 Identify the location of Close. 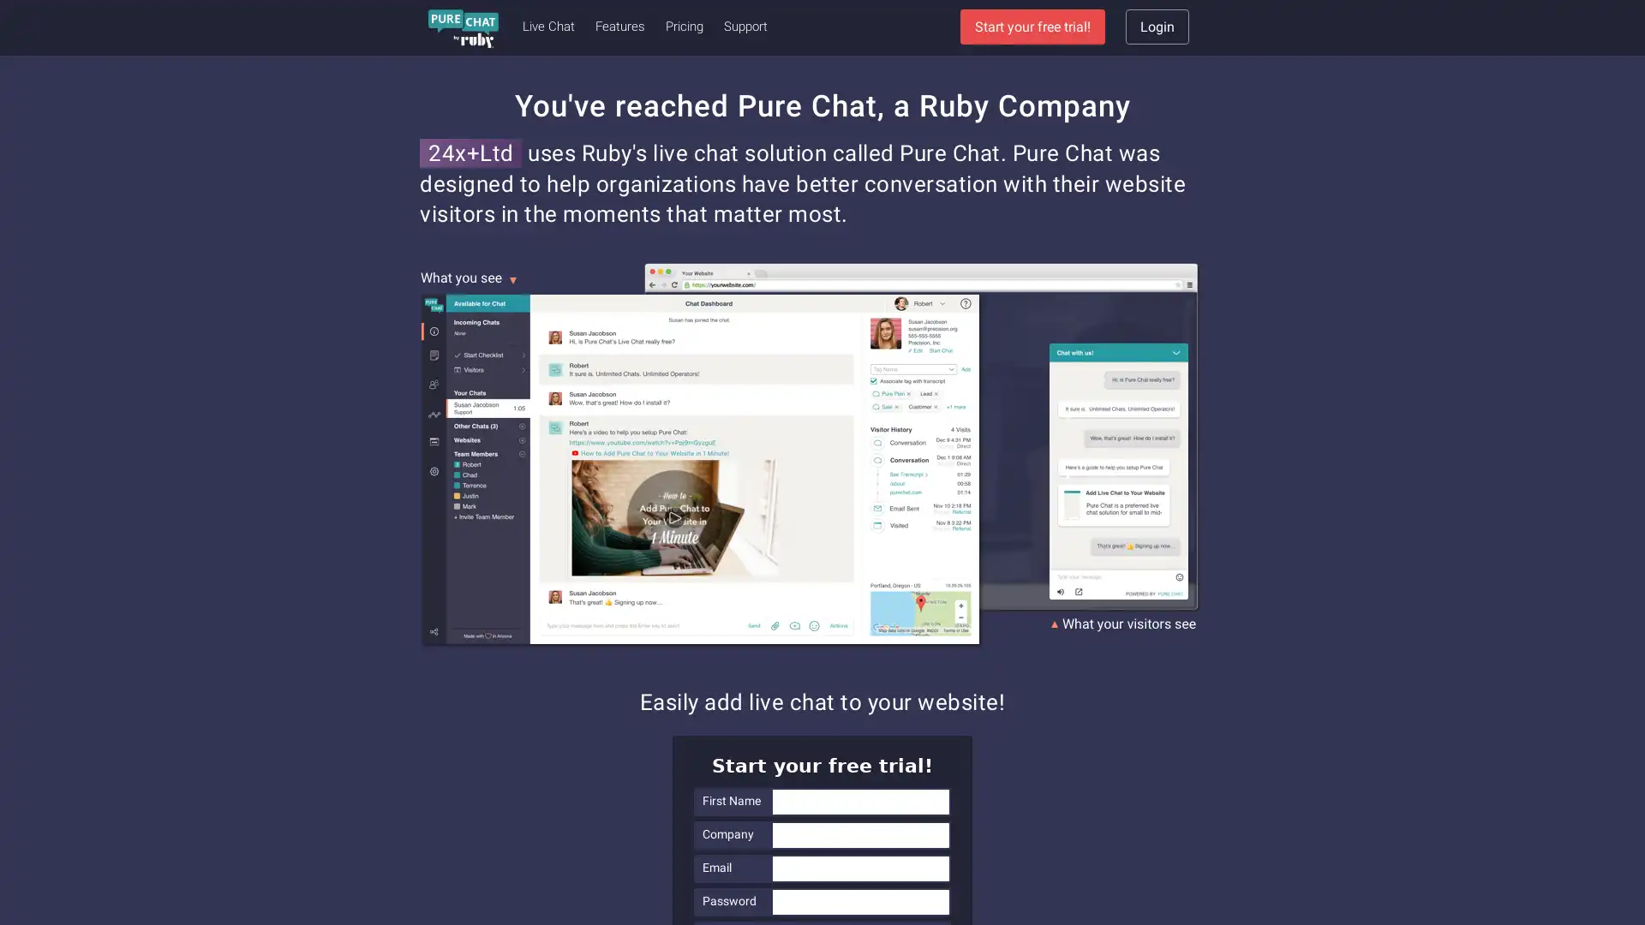
(660, 773).